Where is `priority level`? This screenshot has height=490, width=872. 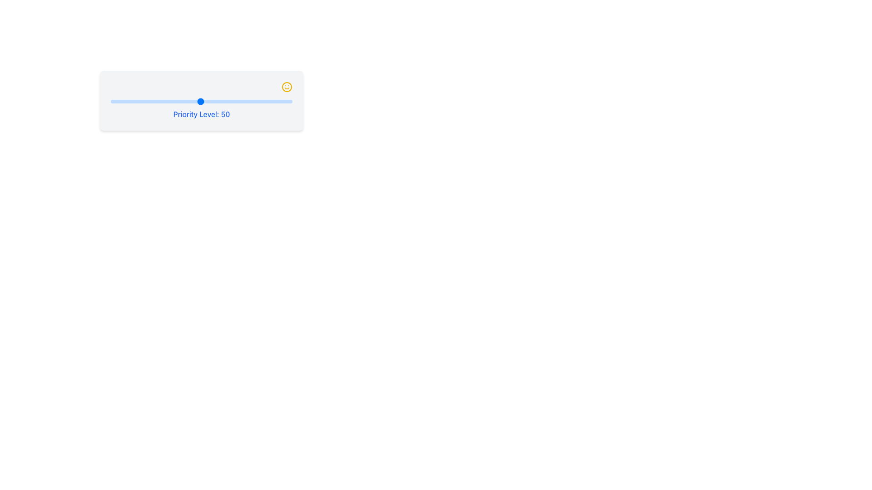
priority level is located at coordinates (121, 101).